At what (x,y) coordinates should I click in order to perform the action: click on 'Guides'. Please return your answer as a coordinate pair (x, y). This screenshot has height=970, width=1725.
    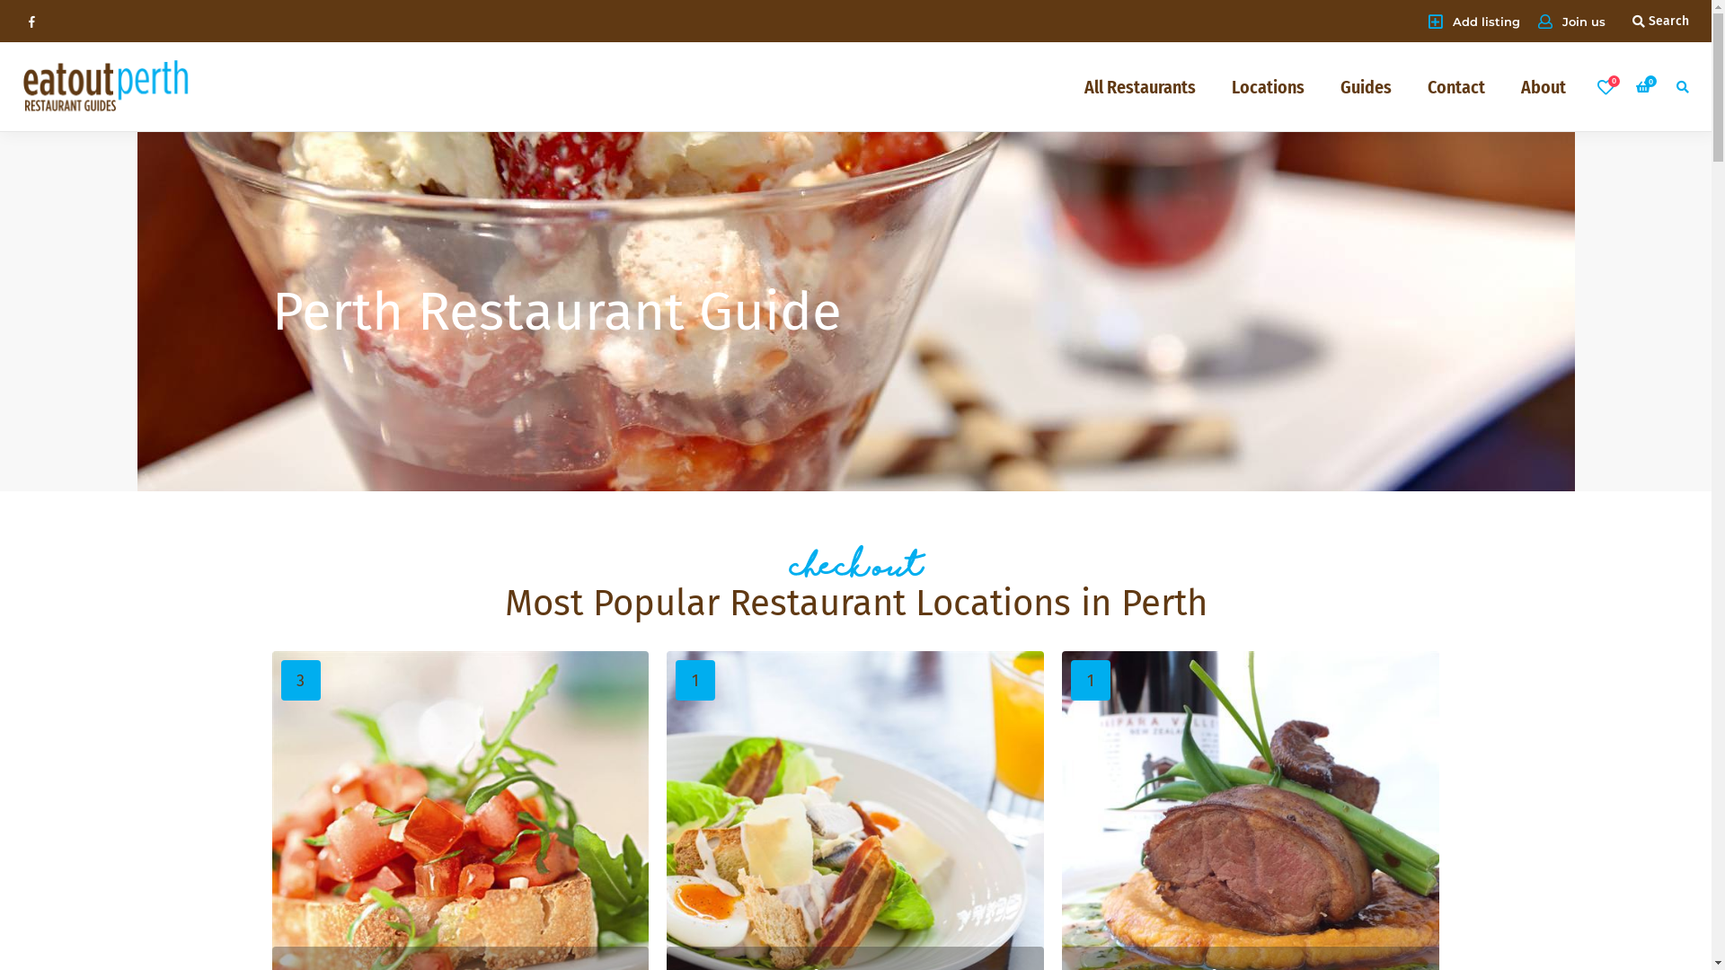
    Looking at the image, I should click on (1366, 86).